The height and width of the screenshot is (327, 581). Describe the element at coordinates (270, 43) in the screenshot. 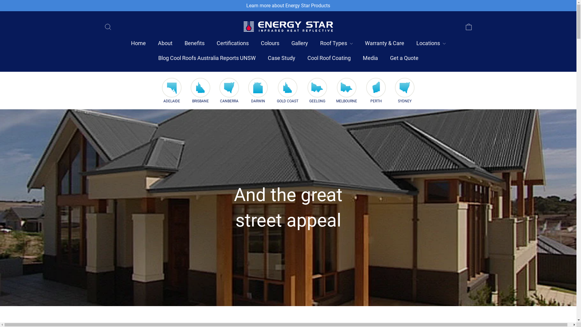

I see `'Colours'` at that location.